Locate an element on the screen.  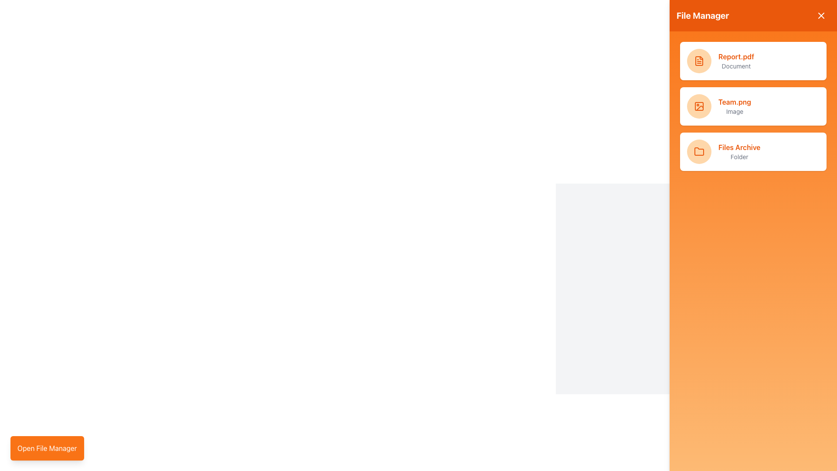
the 'Files Archive' icon located in the top-left corner of the 'Files Archive' card within the 'File Manager' panel is located at coordinates (699, 151).